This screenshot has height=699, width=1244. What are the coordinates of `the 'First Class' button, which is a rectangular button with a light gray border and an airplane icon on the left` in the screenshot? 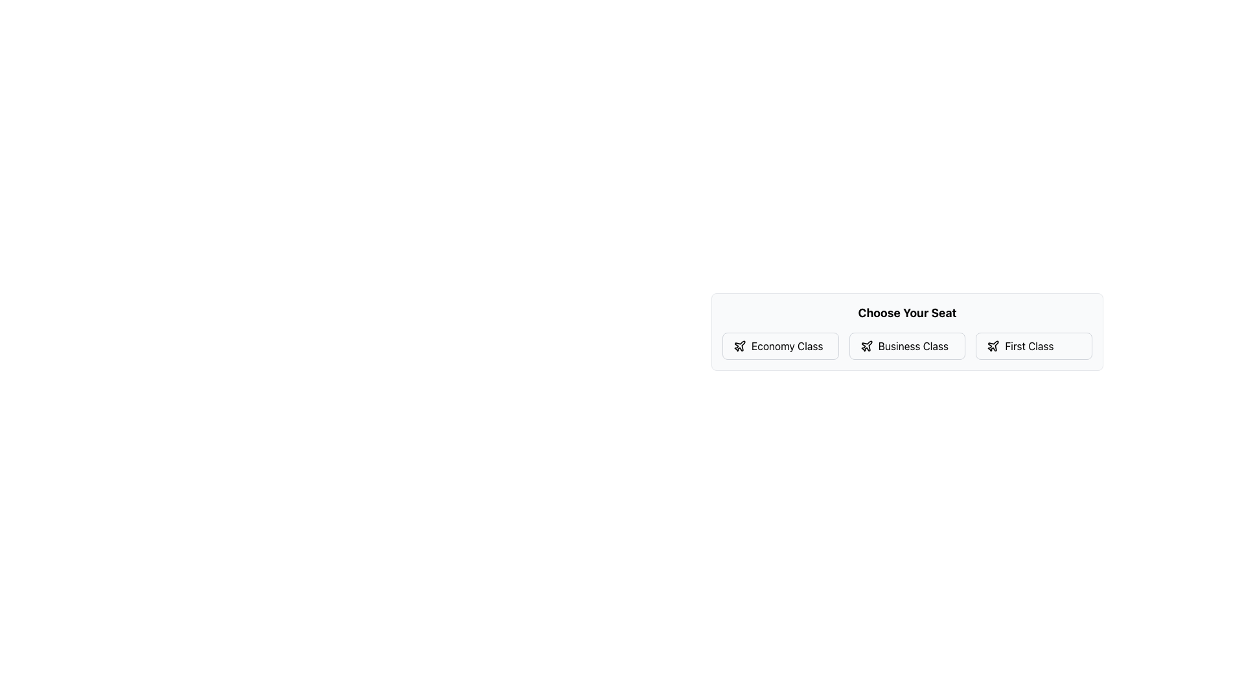 It's located at (1033, 346).